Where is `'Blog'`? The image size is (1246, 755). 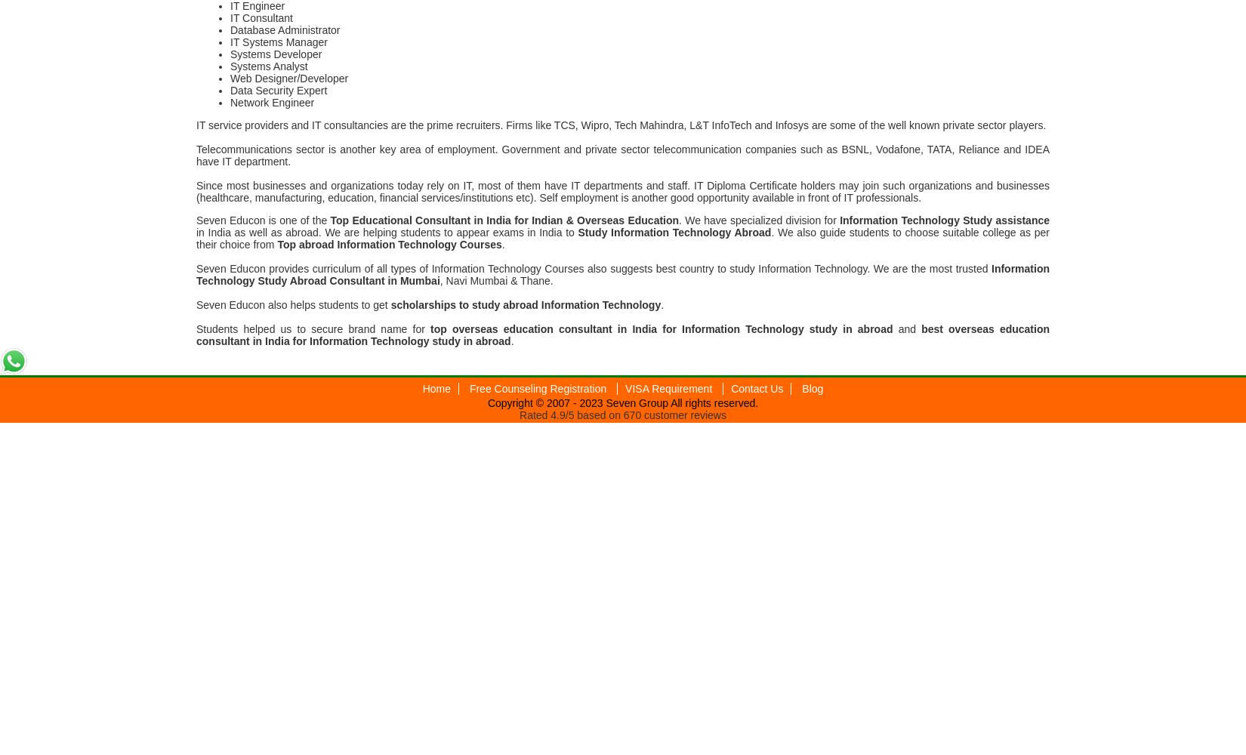 'Blog' is located at coordinates (812, 388).